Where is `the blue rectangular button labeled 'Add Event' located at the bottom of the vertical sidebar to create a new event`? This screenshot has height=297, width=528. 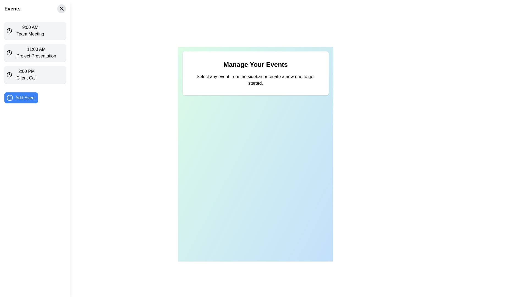
the blue rectangular button labeled 'Add Event' located at the bottom of the vertical sidebar to create a new event is located at coordinates (21, 97).